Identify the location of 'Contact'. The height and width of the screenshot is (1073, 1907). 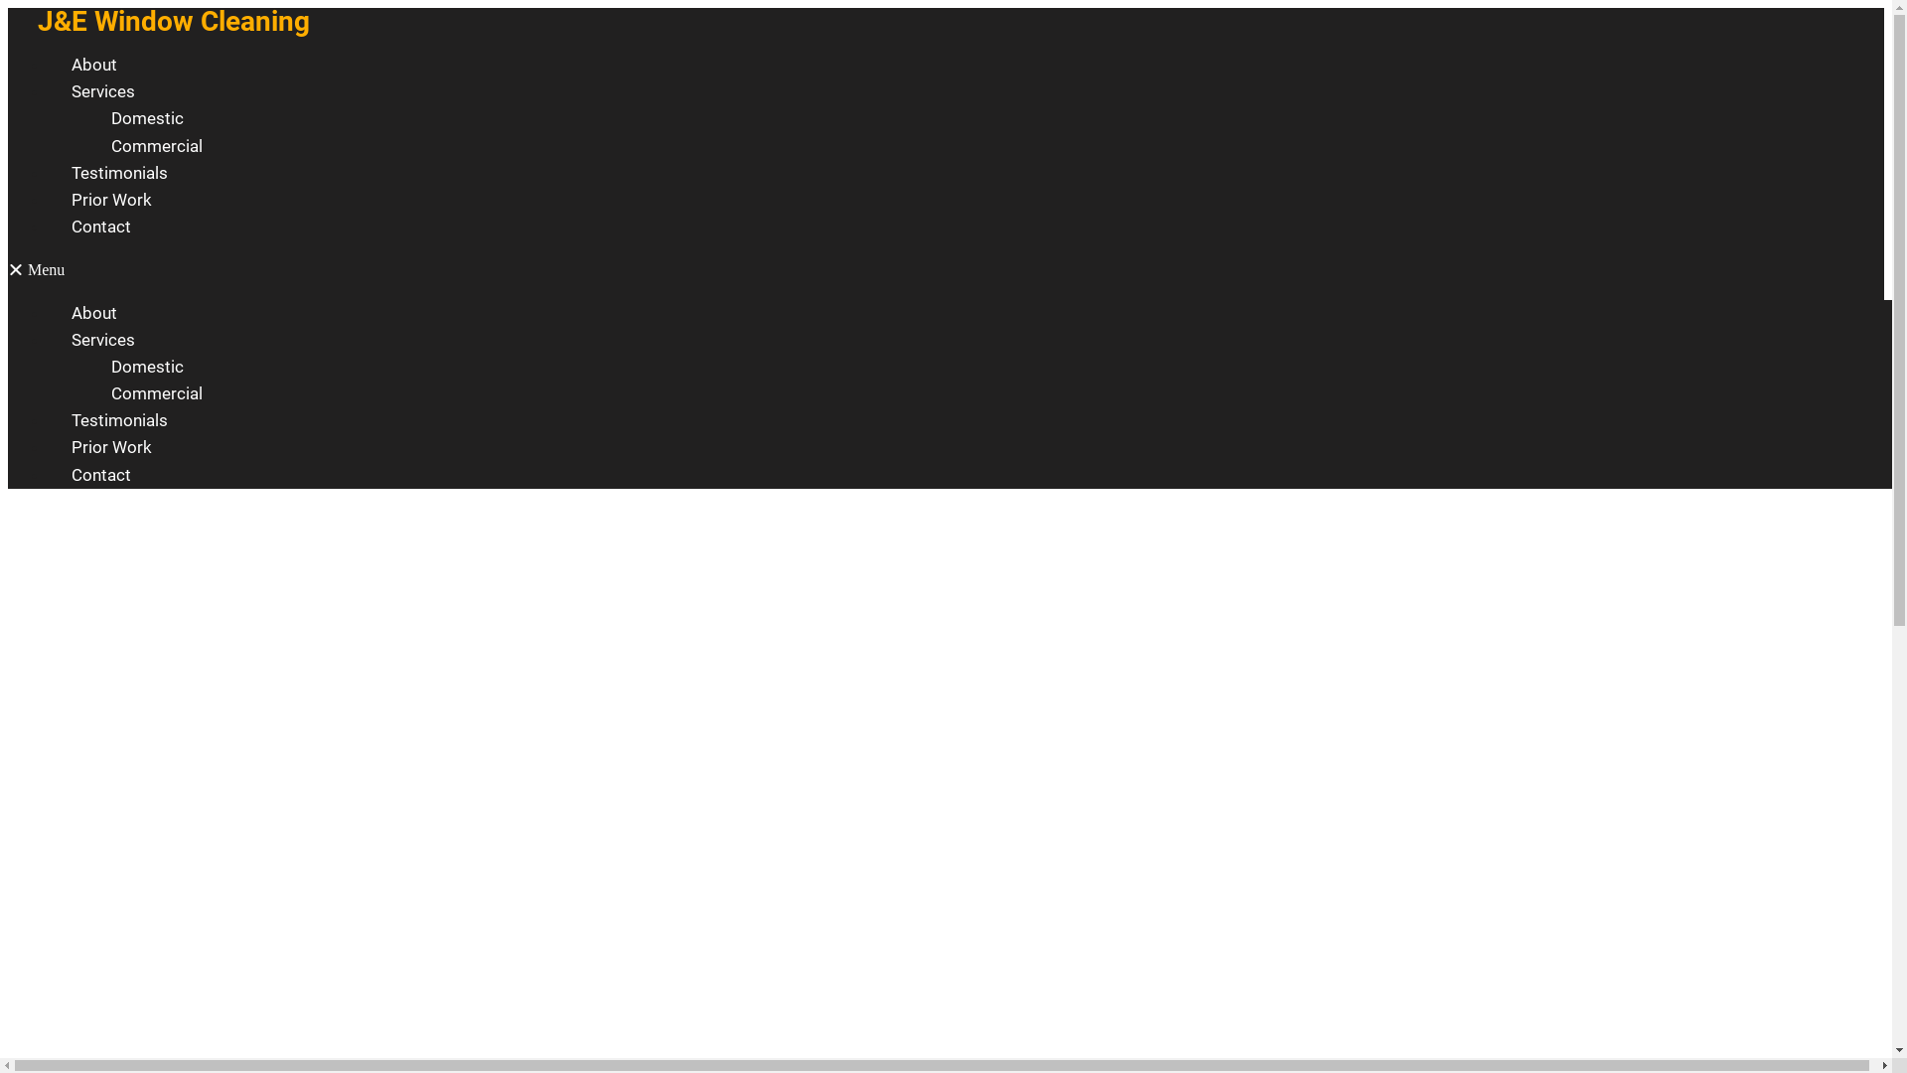
(99, 475).